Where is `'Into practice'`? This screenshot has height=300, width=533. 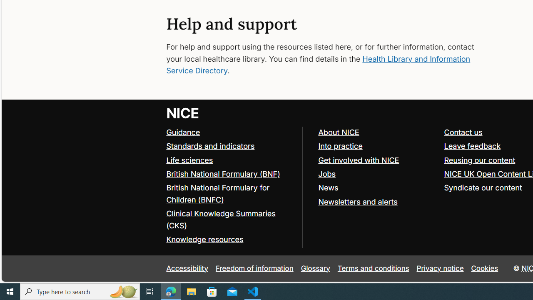 'Into practice' is located at coordinates (340, 146).